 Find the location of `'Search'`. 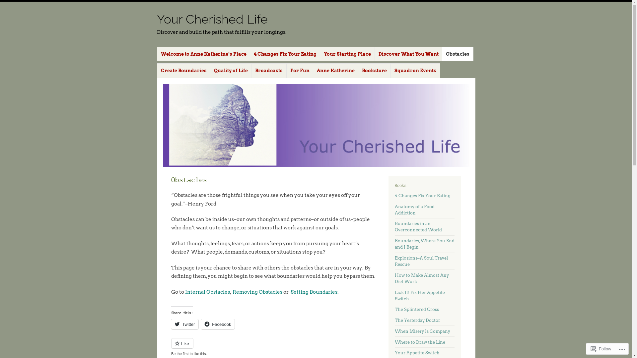

'Search' is located at coordinates (9, 4).